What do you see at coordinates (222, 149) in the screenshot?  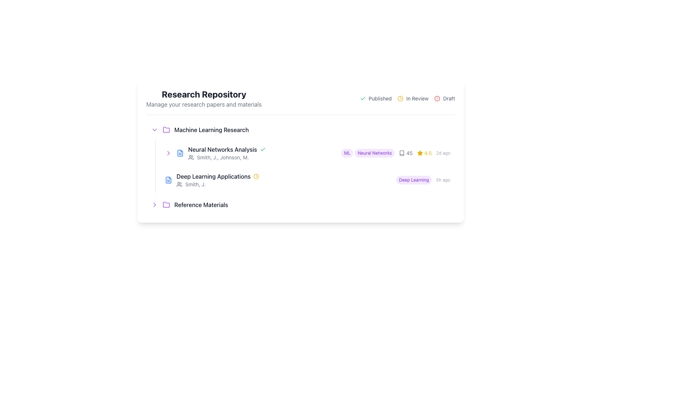 I see `displayed text 'Neural Networks Analysis' located under the 'Machine Learning Research' section header, aligned in a document-style layout` at bounding box center [222, 149].